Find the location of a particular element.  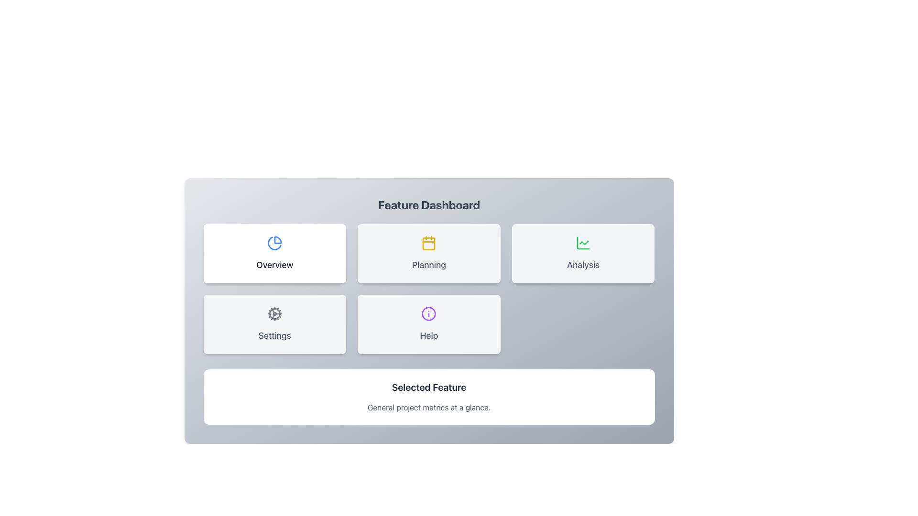

the vibrant purple decorative icon with a hollow circular outline, located in the 'Help' interactive box towards the bottom-middle section of the interface is located at coordinates (428, 313).